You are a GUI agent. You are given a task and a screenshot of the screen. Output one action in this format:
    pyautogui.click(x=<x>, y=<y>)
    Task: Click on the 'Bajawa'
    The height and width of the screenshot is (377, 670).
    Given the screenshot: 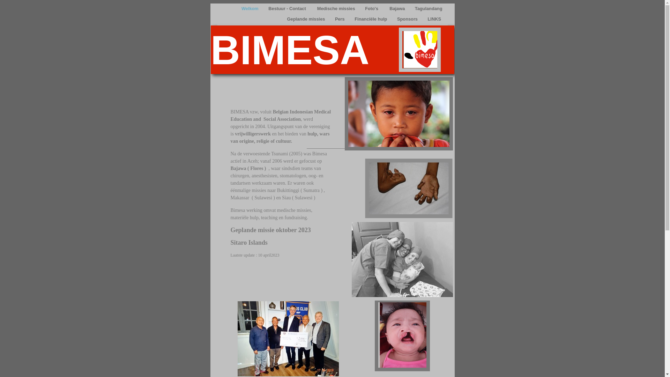 What is the action you would take?
    pyautogui.click(x=398, y=8)
    